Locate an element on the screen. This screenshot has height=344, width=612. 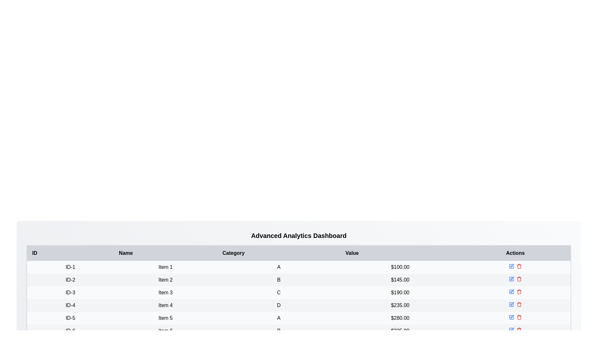
the table header to sort by Category is located at coordinates (279, 253).